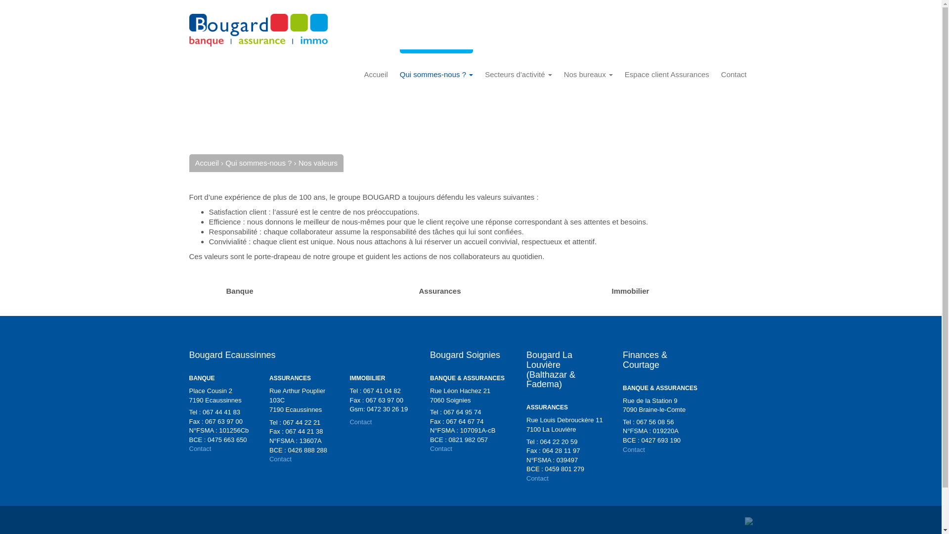  Describe the element at coordinates (440, 448) in the screenshot. I see `'Contact'` at that location.